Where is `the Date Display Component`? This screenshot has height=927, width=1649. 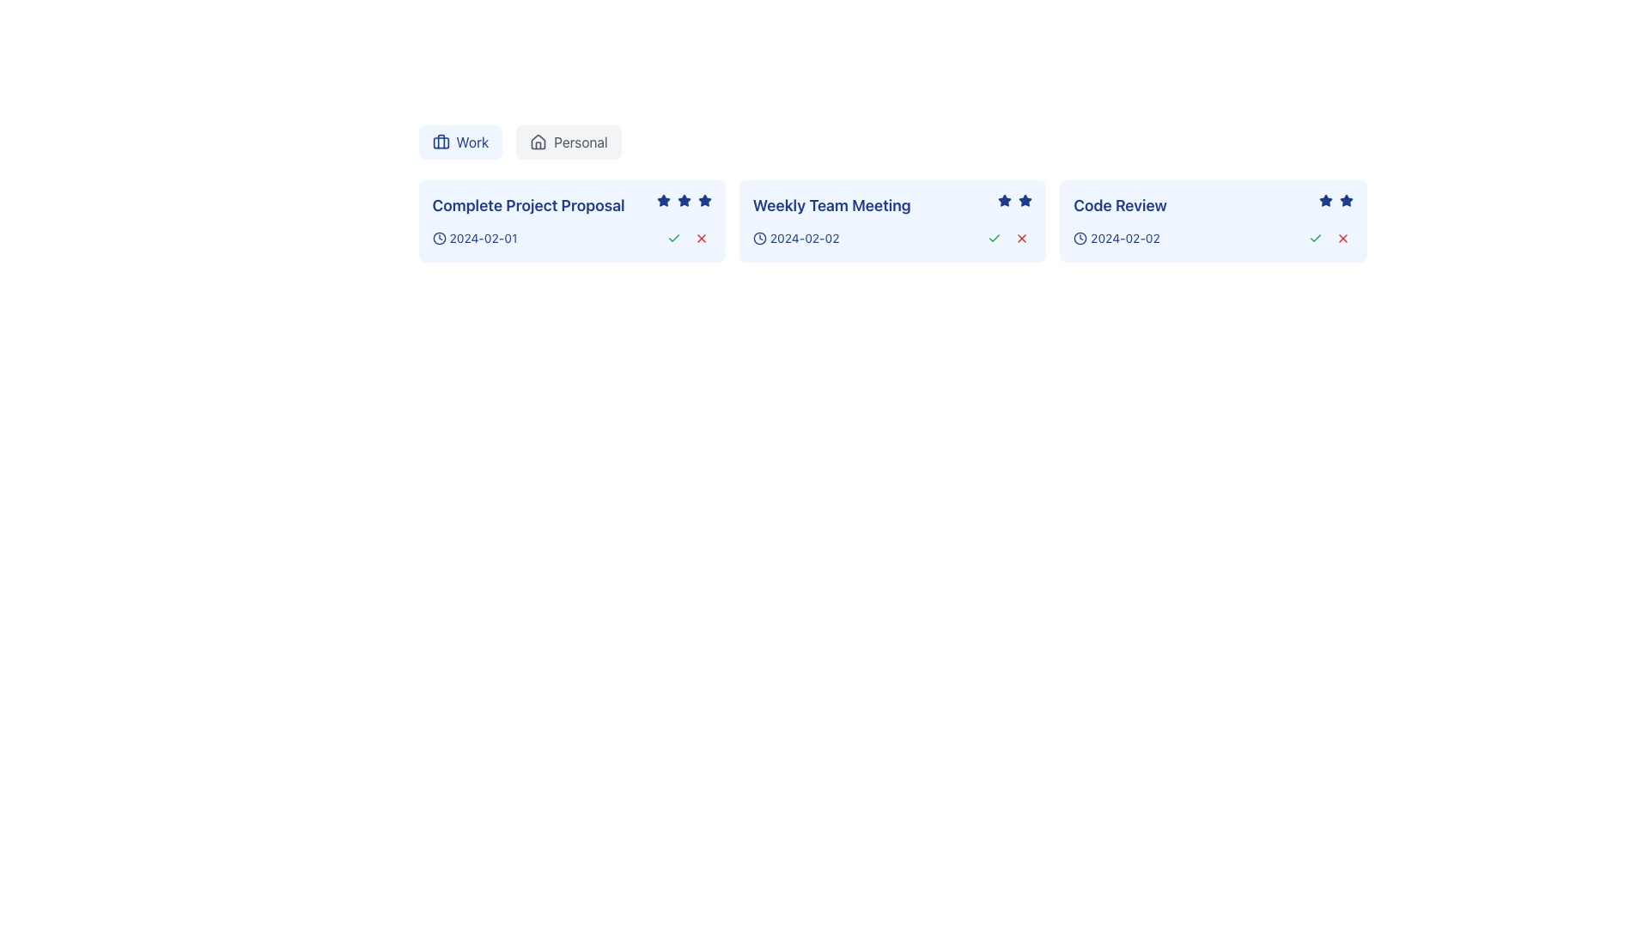 the Date Display Component is located at coordinates (474, 238).